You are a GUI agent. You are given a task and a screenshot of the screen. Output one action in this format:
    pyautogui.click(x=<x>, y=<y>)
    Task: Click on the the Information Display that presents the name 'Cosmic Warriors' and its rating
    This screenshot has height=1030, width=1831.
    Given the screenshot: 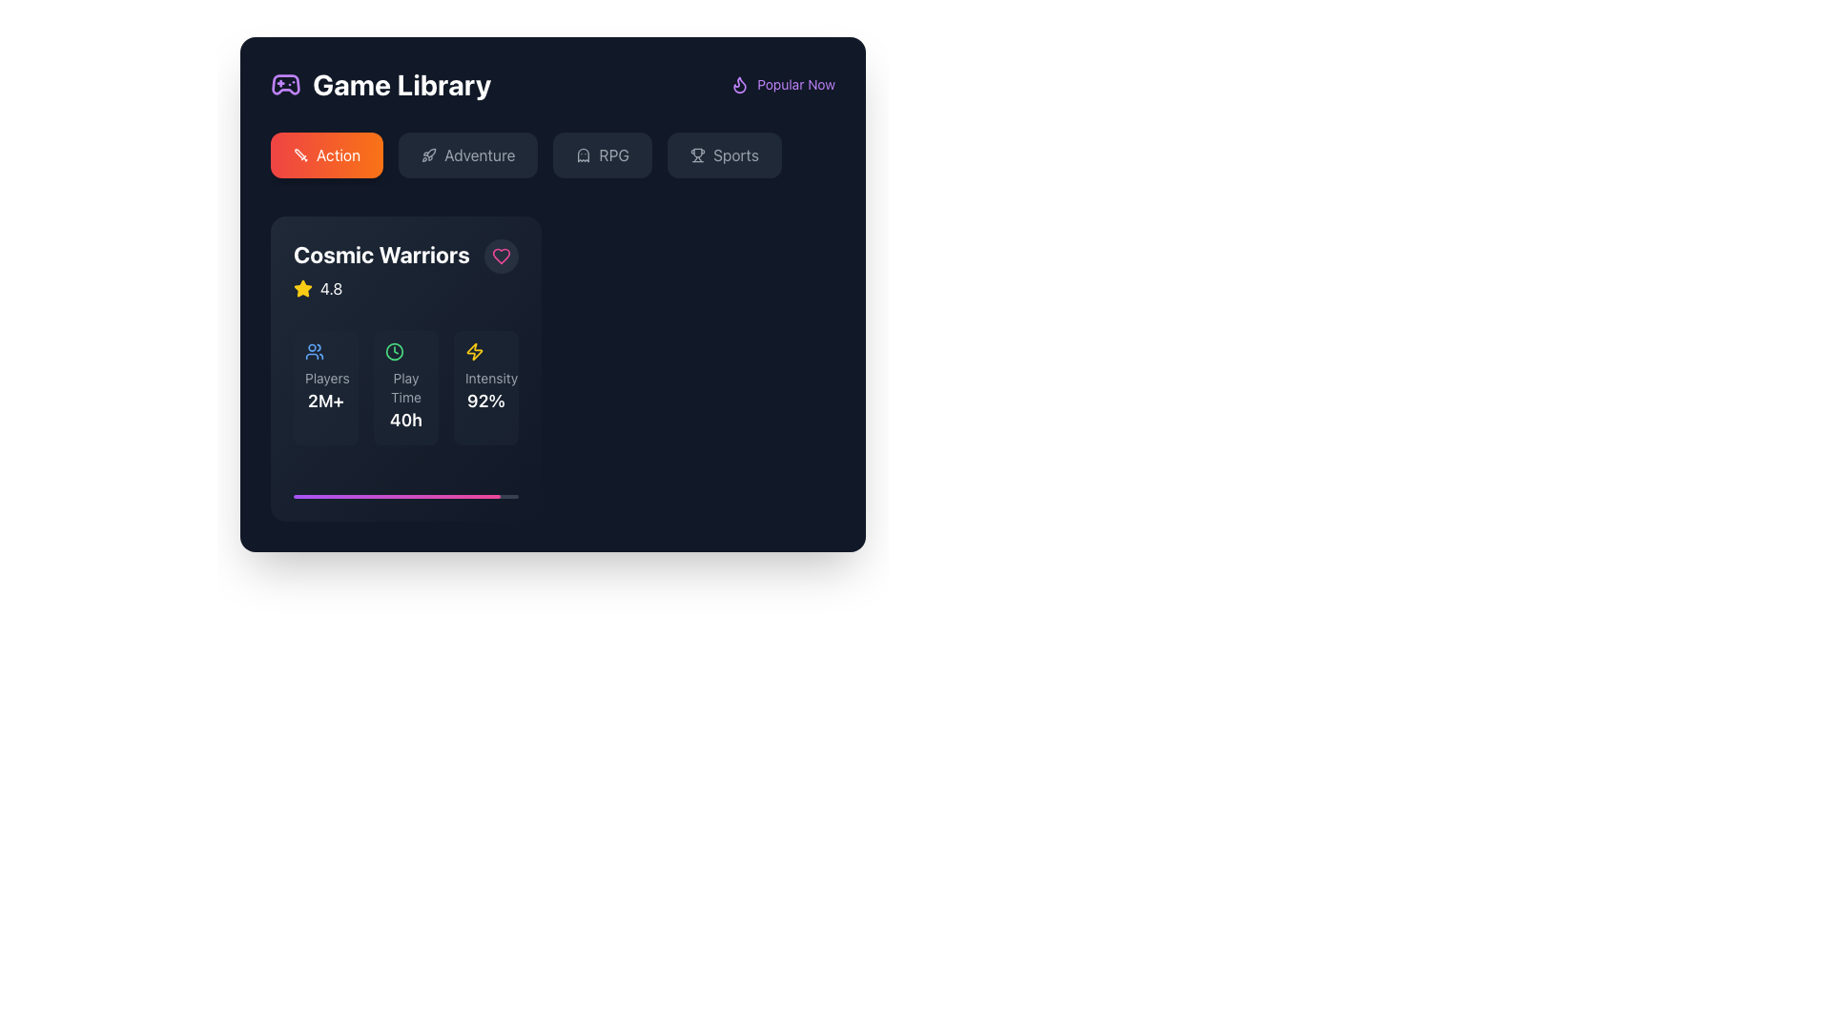 What is the action you would take?
    pyautogui.click(x=381, y=269)
    